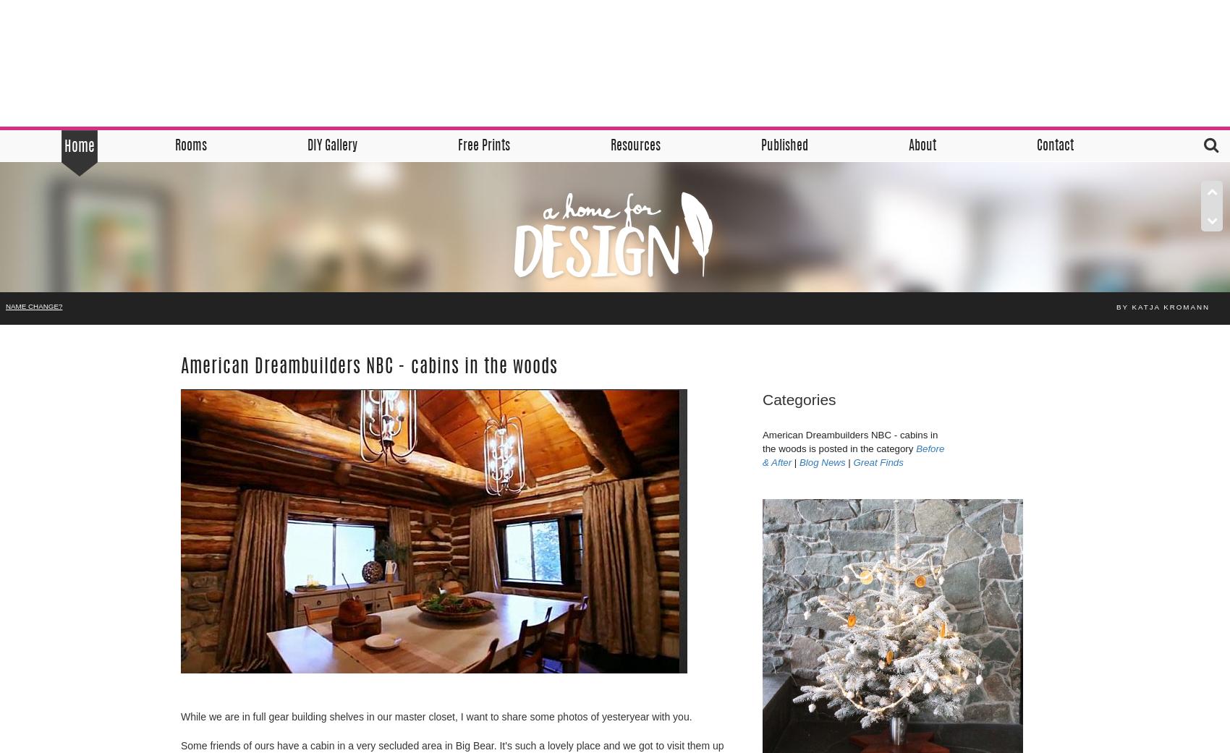 Image resolution: width=1230 pixels, height=753 pixels. What do you see at coordinates (799, 399) in the screenshot?
I see `'Categories'` at bounding box center [799, 399].